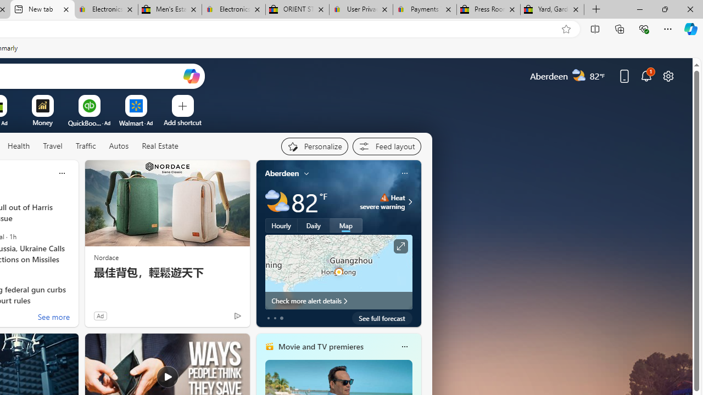  Describe the element at coordinates (313, 225) in the screenshot. I see `'Daily'` at that location.